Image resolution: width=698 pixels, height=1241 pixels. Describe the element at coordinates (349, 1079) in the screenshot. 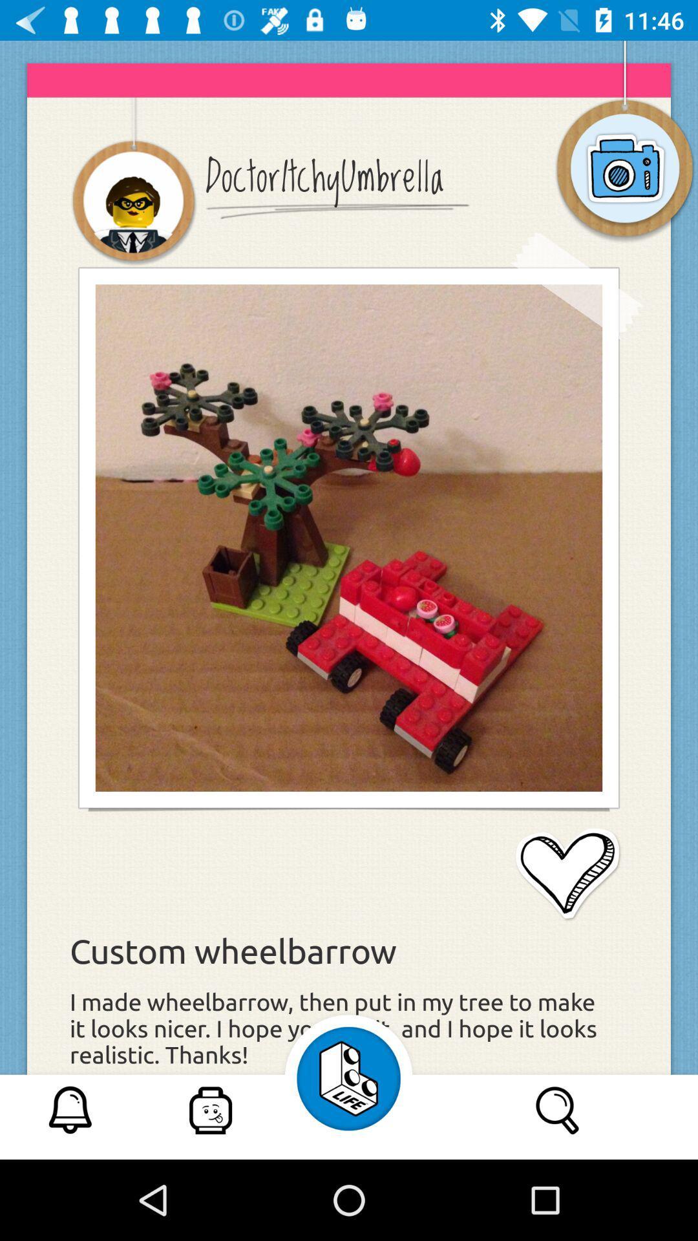

I see `the icon left to search icon` at that location.